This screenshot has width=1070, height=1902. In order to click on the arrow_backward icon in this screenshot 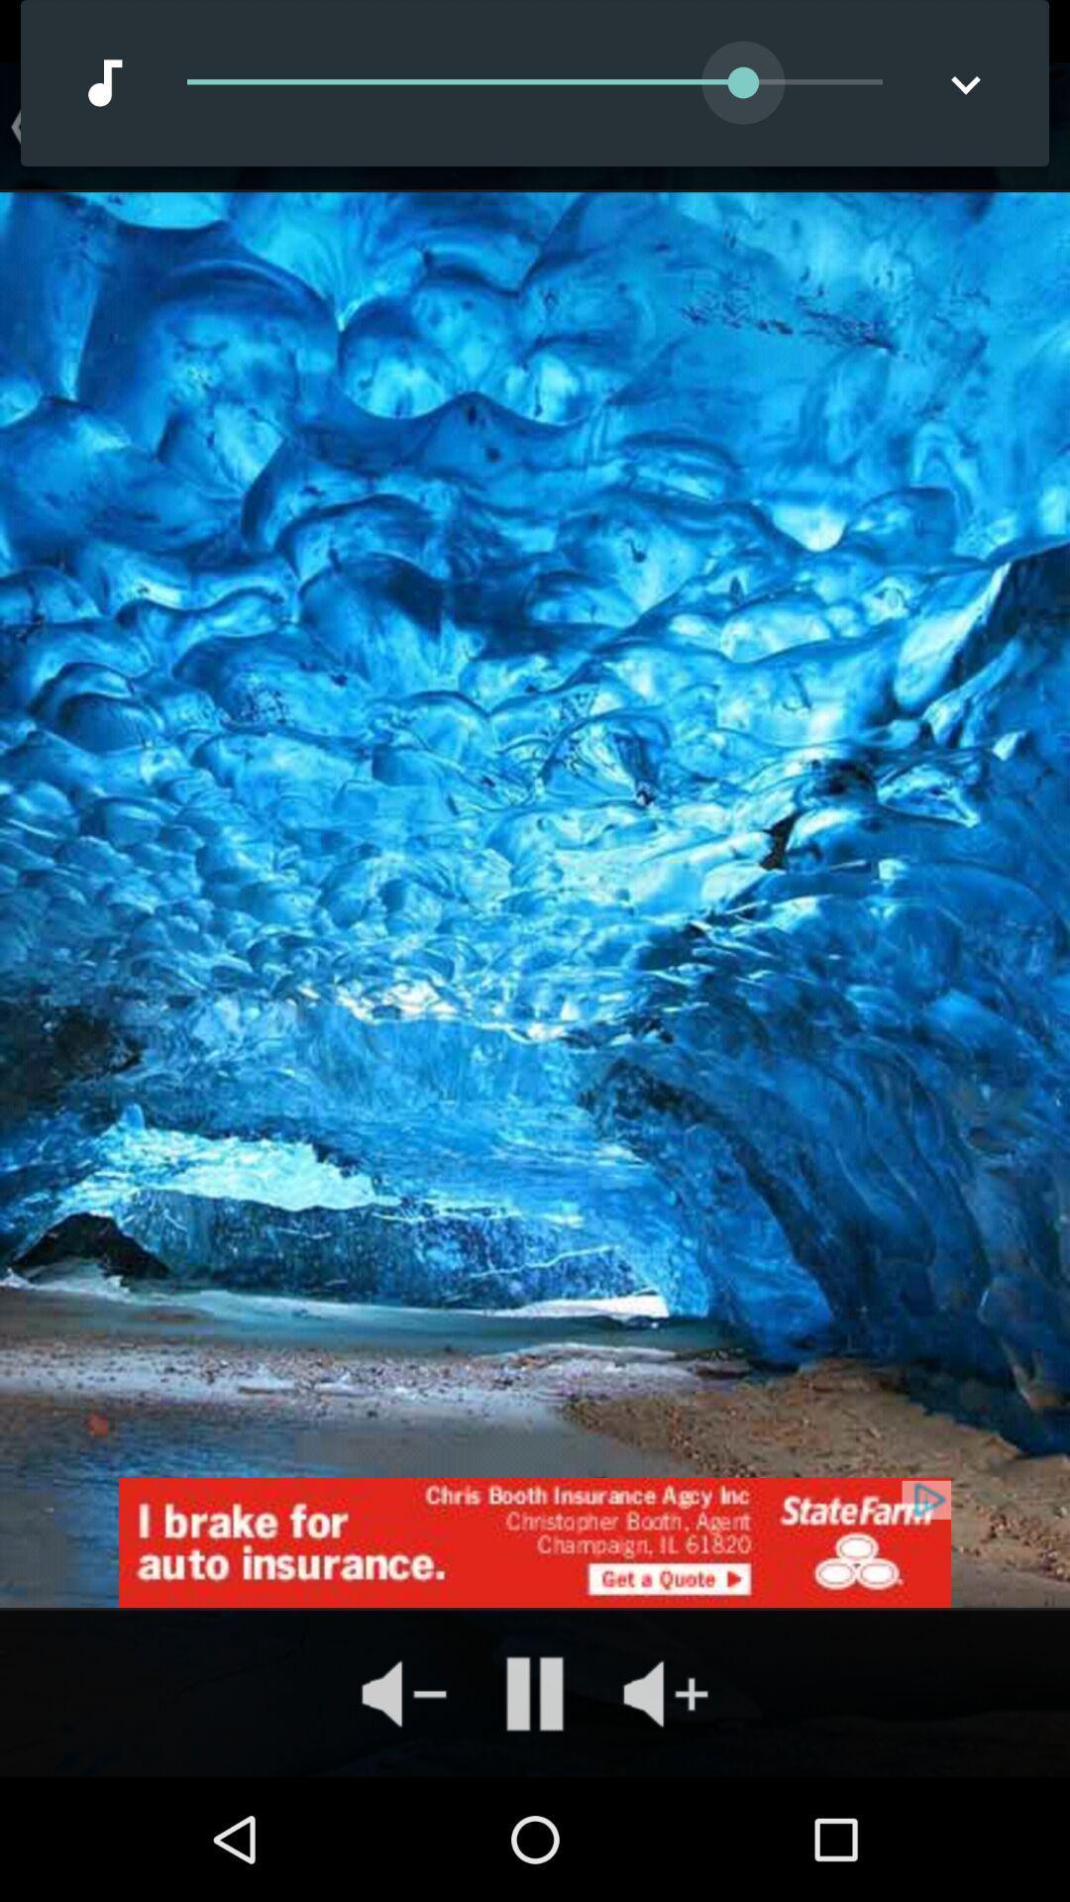, I will do `click(20, 126)`.